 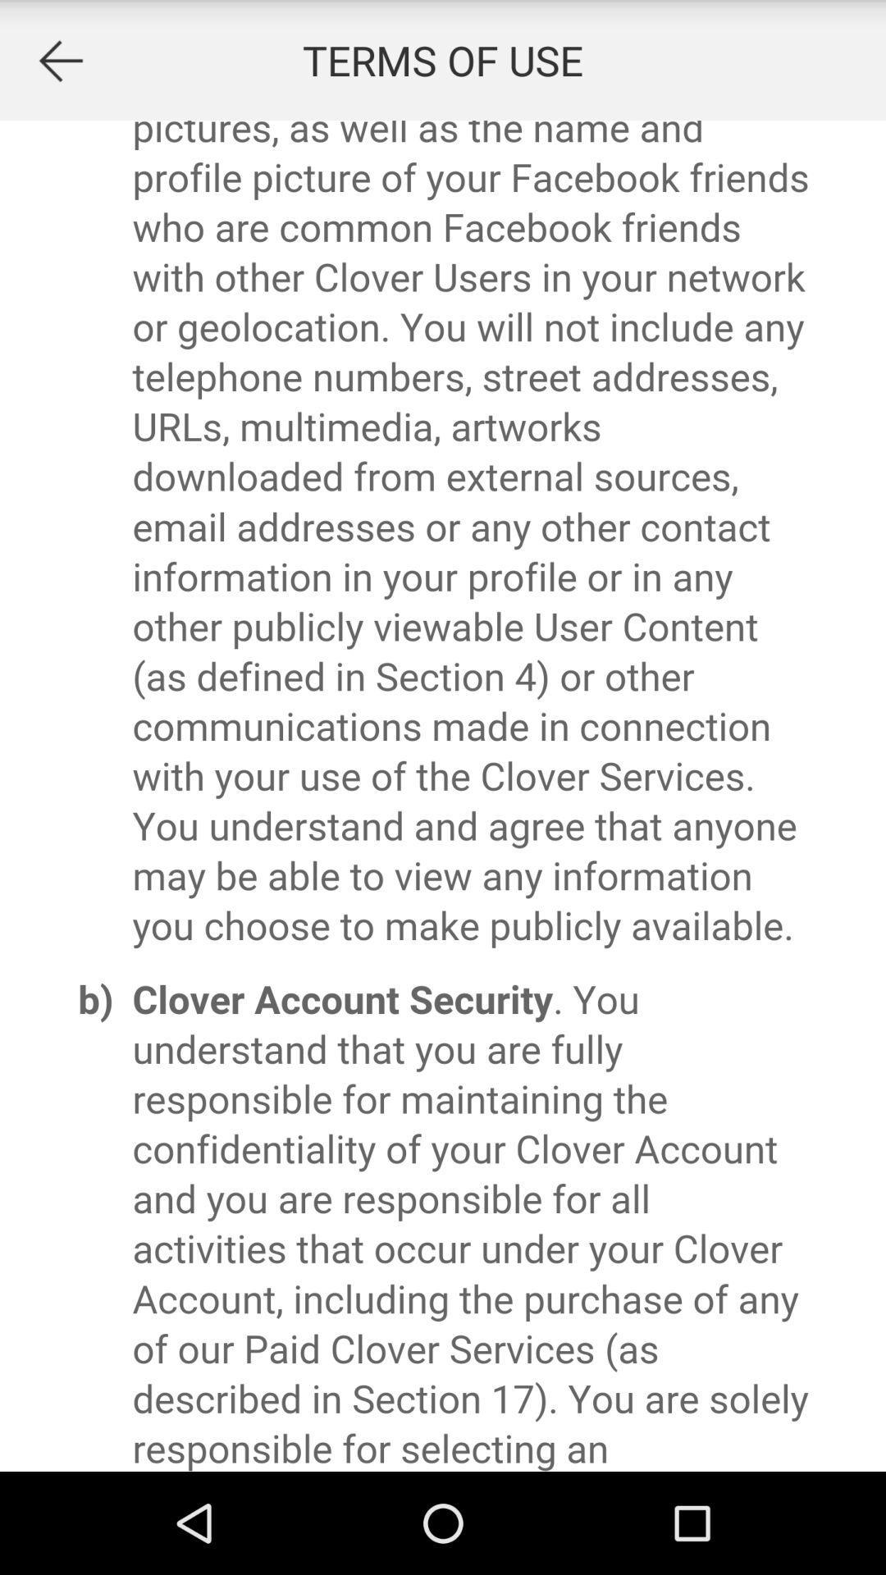 What do you see at coordinates (443, 796) in the screenshot?
I see `advertisement` at bounding box center [443, 796].